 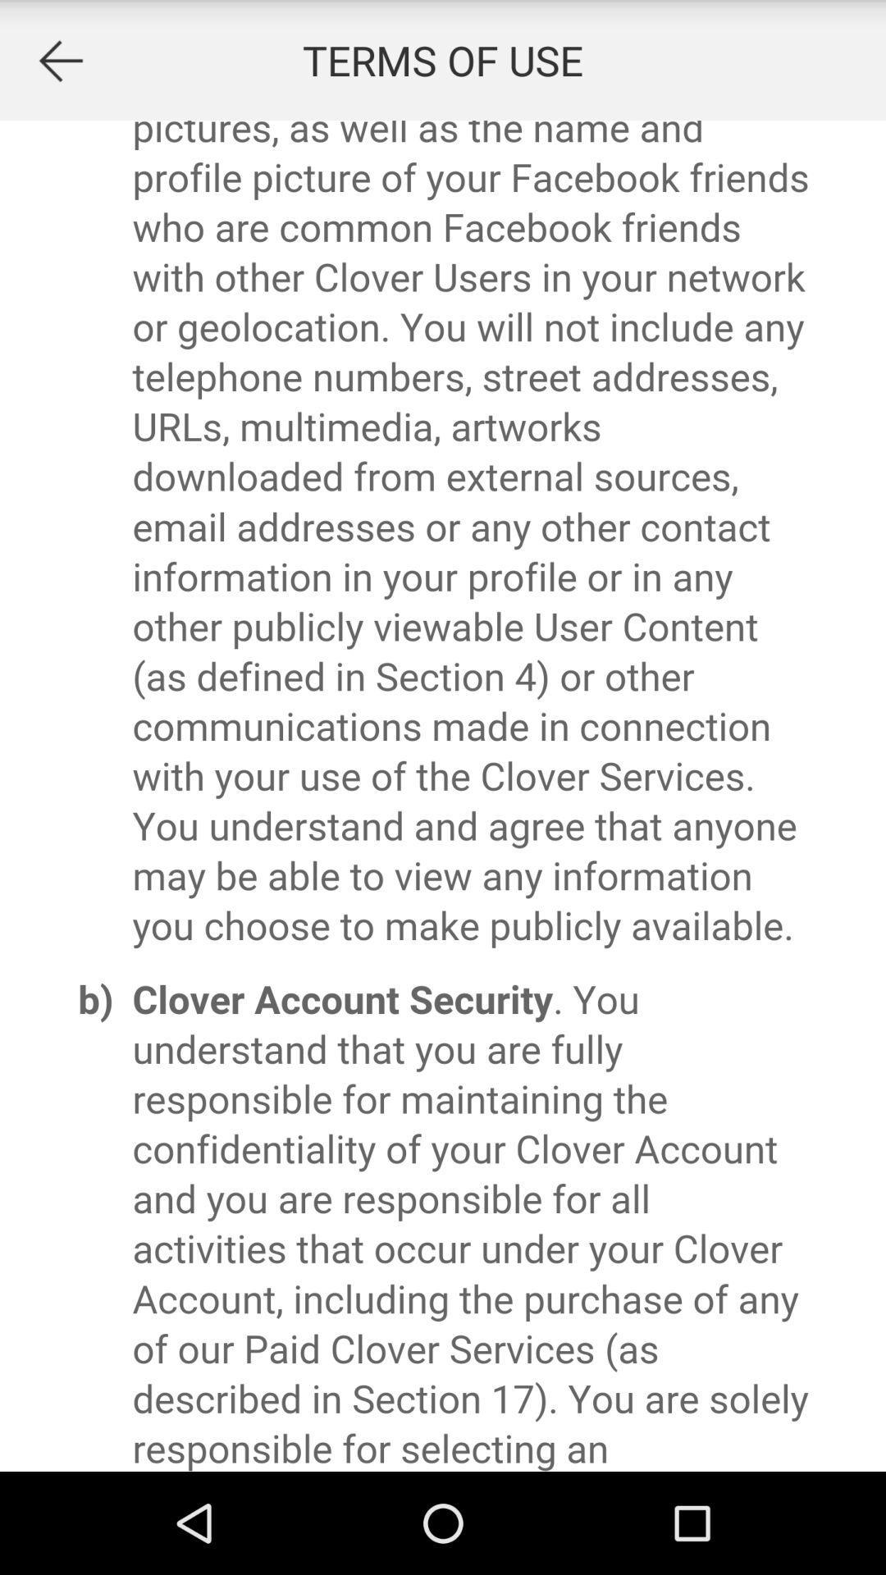 What do you see at coordinates (443, 796) in the screenshot?
I see `advertisement` at bounding box center [443, 796].